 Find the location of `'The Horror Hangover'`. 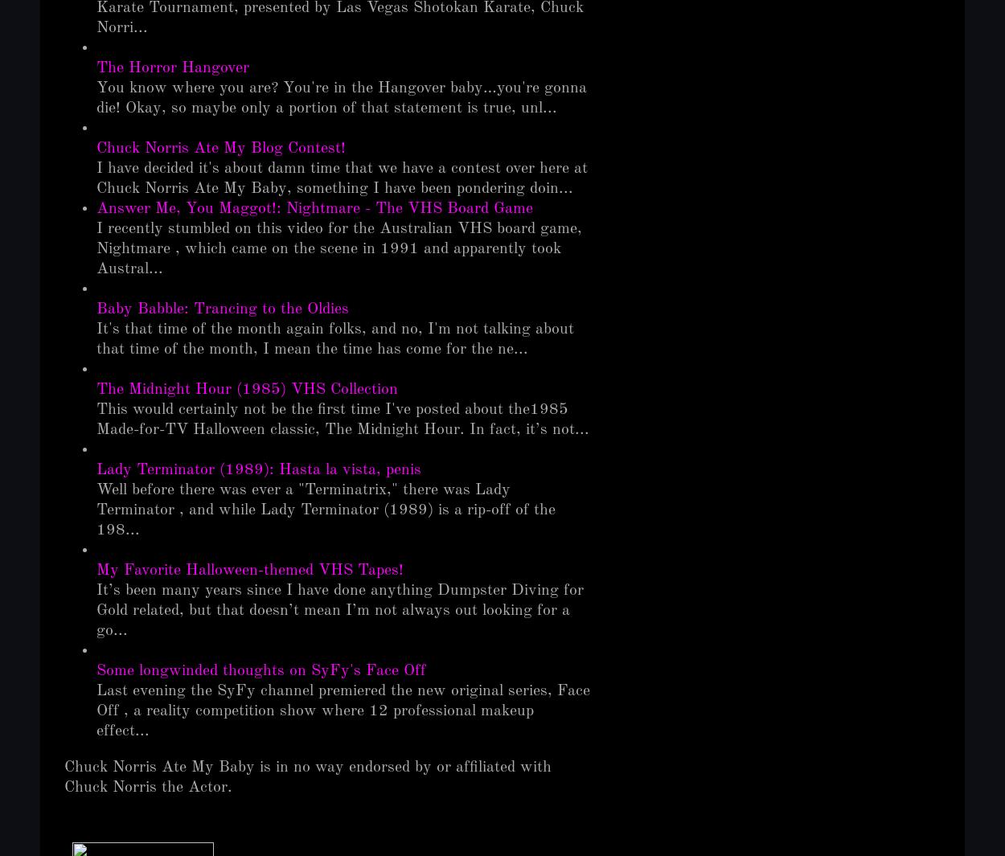

'The Horror Hangover' is located at coordinates (171, 67).